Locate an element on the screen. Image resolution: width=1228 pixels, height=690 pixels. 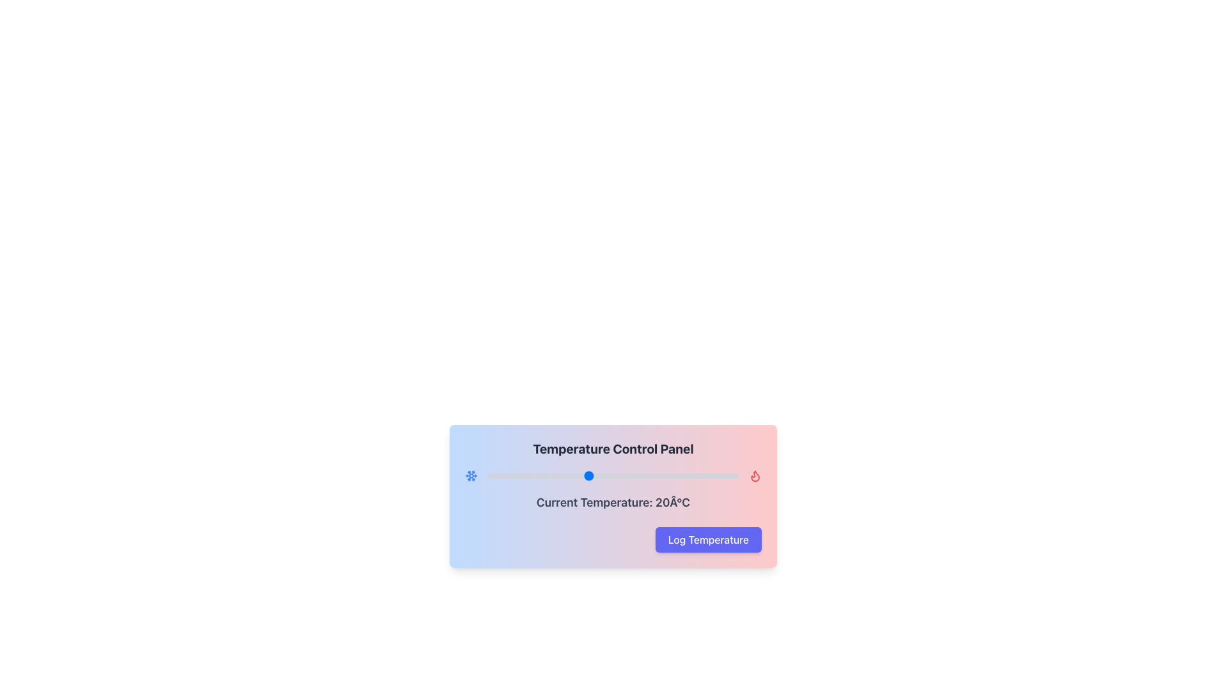
the temperature slider is located at coordinates (543, 475).